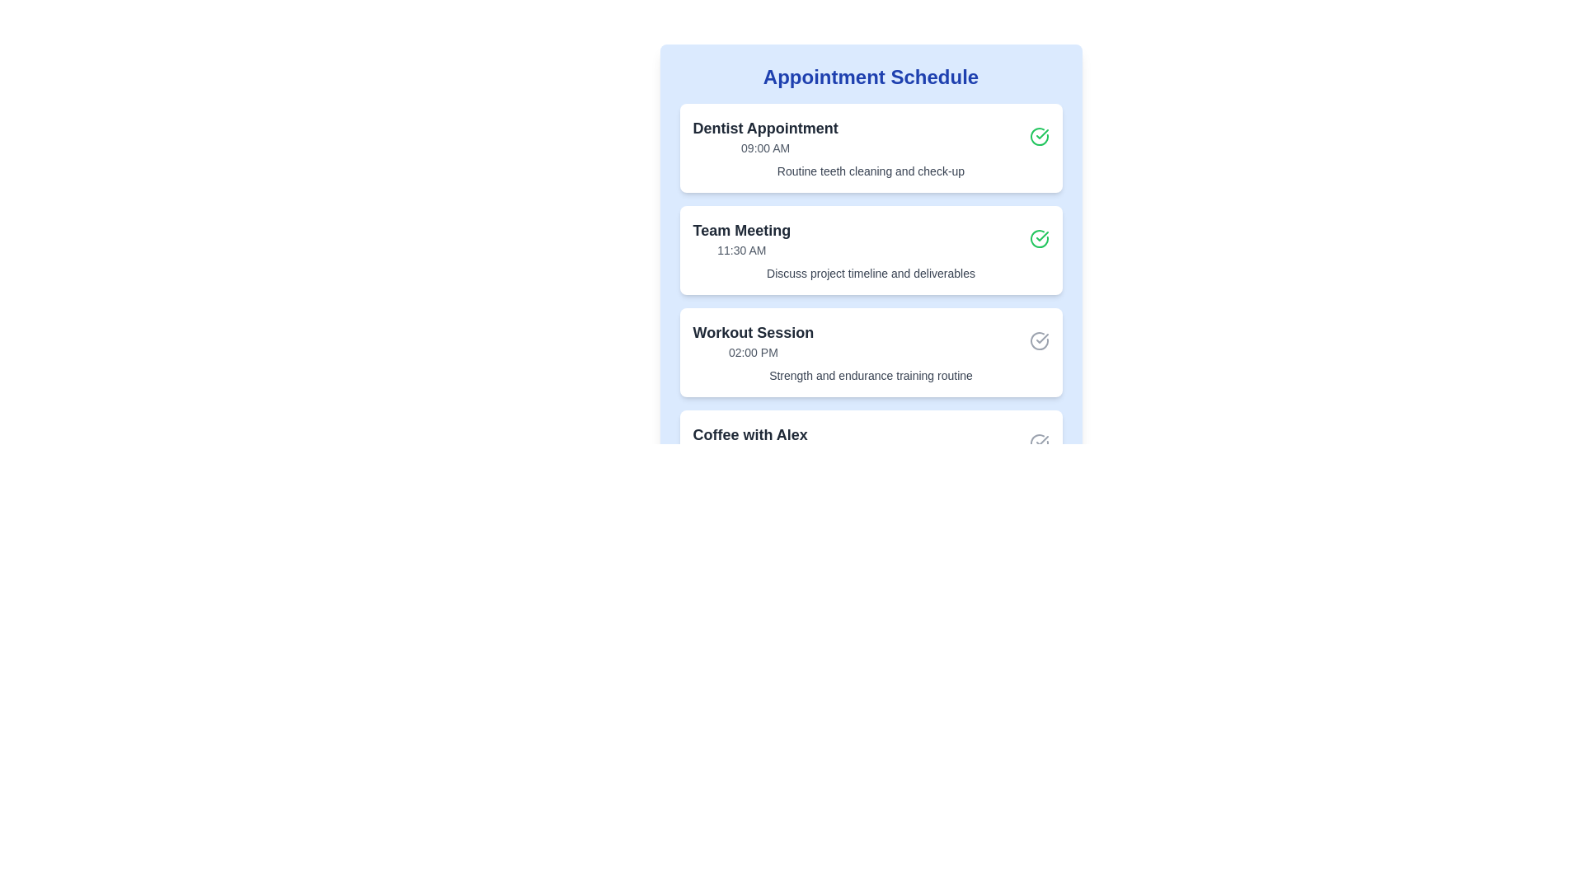 This screenshot has height=890, width=1583. I want to click on the 'Workout Session' appointment label, which displays the scheduled time of '02:00 PM', positioned as the third item in a vertically stacked list, so click(752, 340).